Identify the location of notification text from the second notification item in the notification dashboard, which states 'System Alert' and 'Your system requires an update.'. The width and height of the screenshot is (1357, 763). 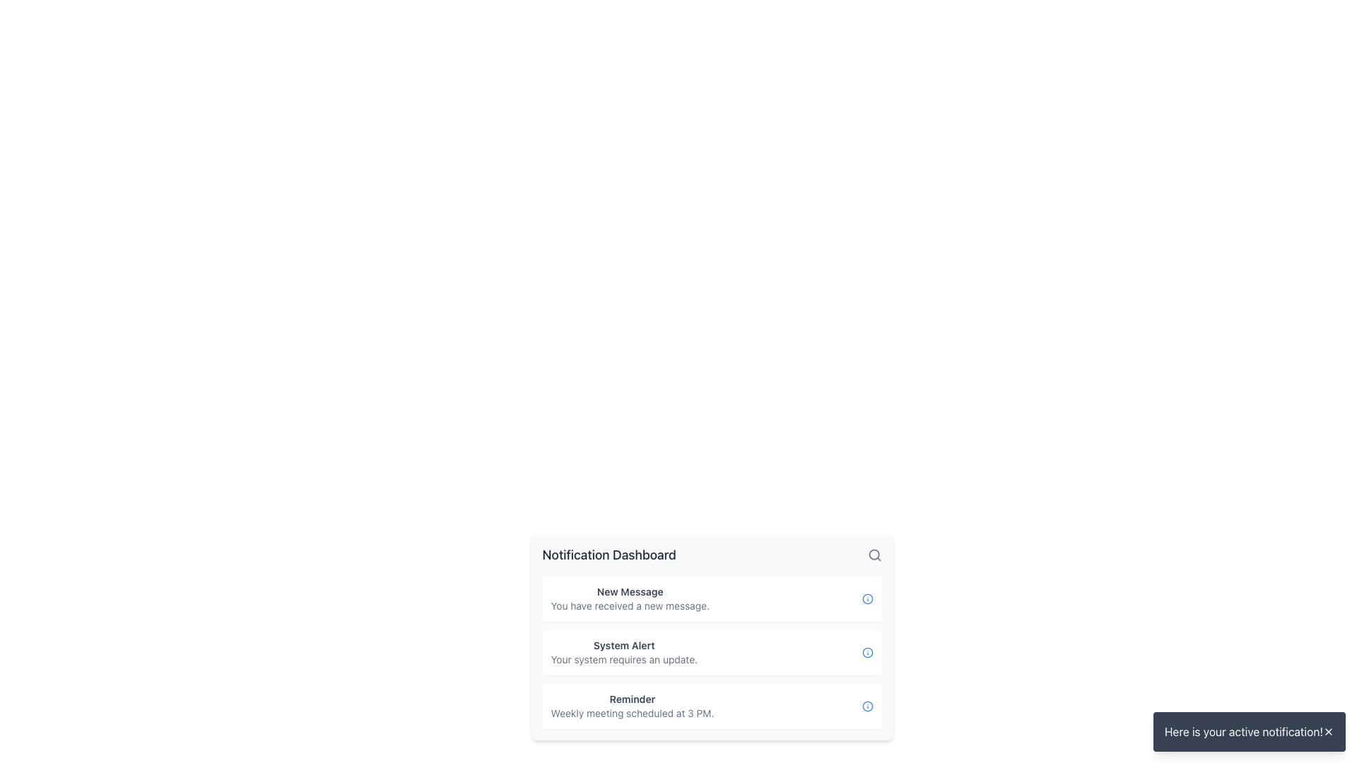
(623, 653).